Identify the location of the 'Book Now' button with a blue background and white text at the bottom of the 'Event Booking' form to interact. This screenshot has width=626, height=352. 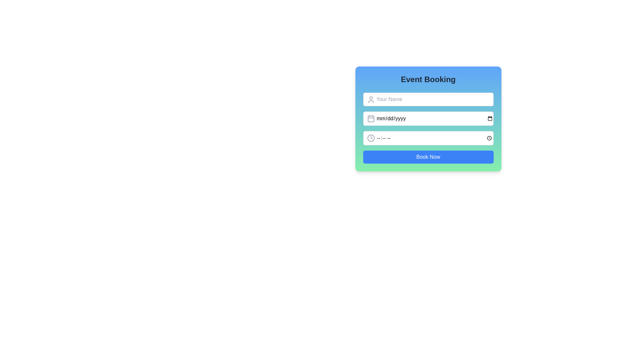
(428, 157).